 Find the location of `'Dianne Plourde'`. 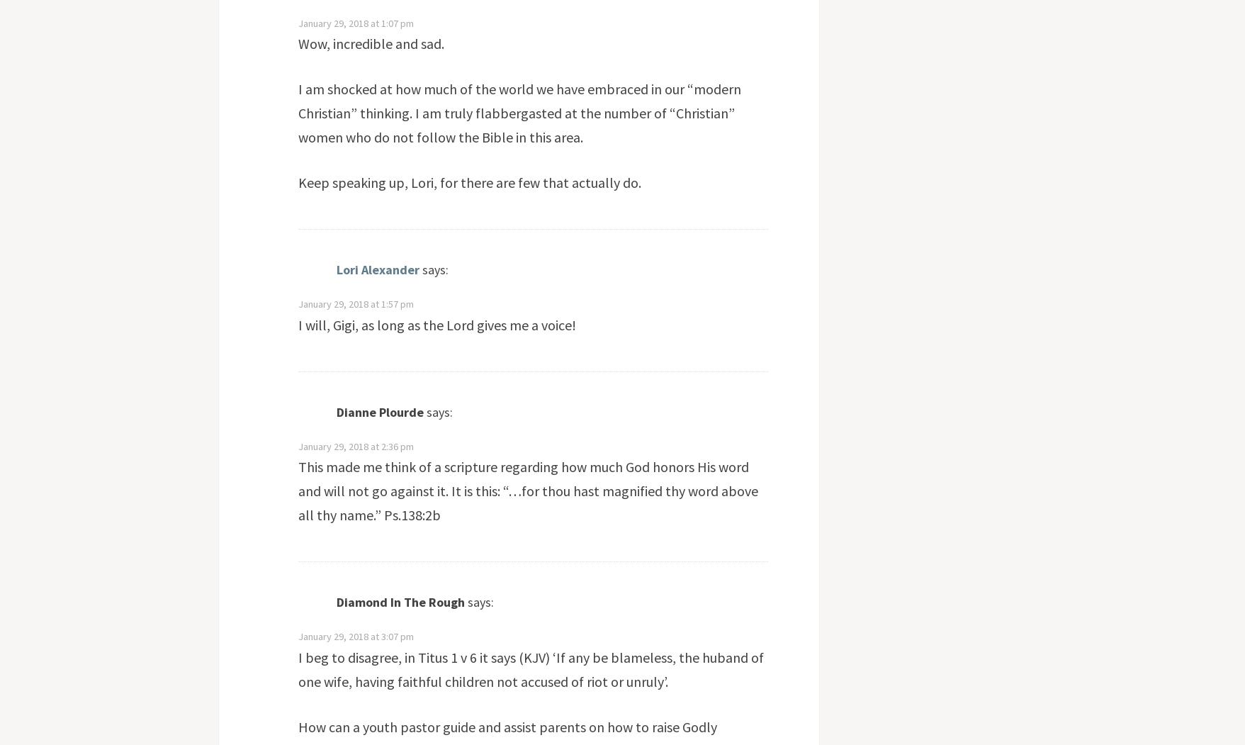

'Dianne Plourde' is located at coordinates (379, 412).